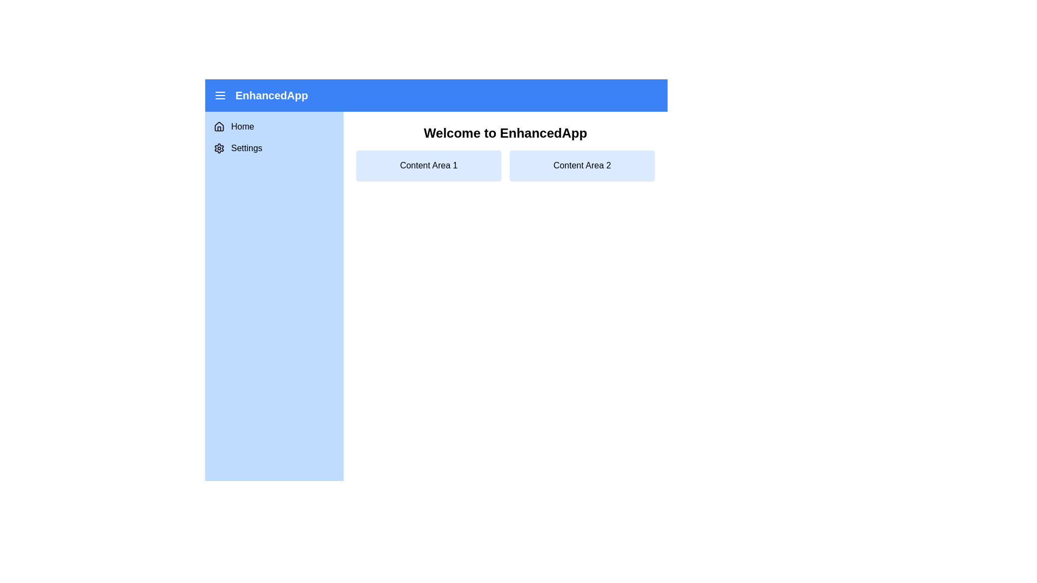 This screenshot has width=1037, height=583. I want to click on application title displayed as a header text located in the top navigation bar, positioned to the right of the hamburger menu icon, so click(272, 95).